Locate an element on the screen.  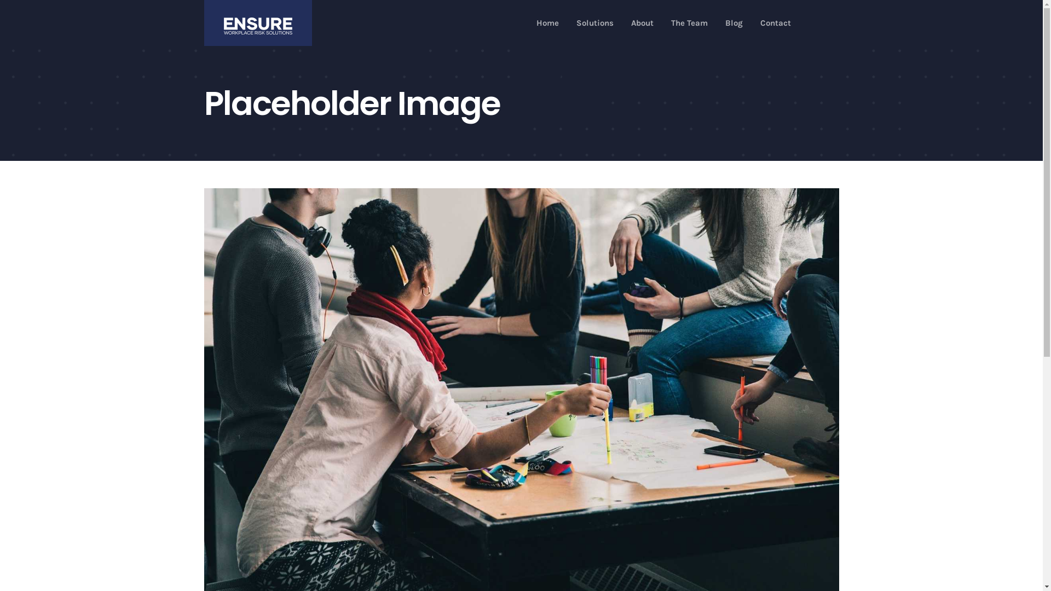
'Contact' is located at coordinates (759, 23).